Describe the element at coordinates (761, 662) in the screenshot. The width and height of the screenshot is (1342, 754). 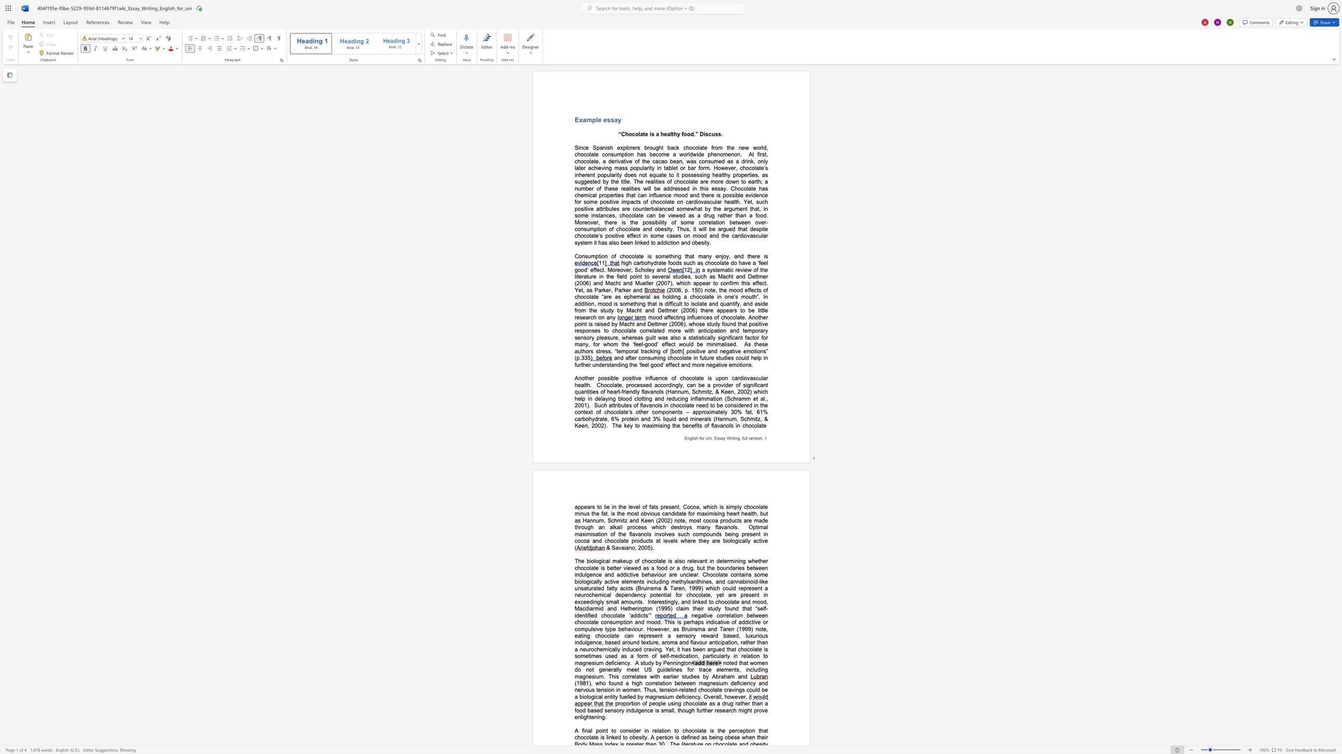
I see `the subset text "en do" within the text "noted that women do not"` at that location.